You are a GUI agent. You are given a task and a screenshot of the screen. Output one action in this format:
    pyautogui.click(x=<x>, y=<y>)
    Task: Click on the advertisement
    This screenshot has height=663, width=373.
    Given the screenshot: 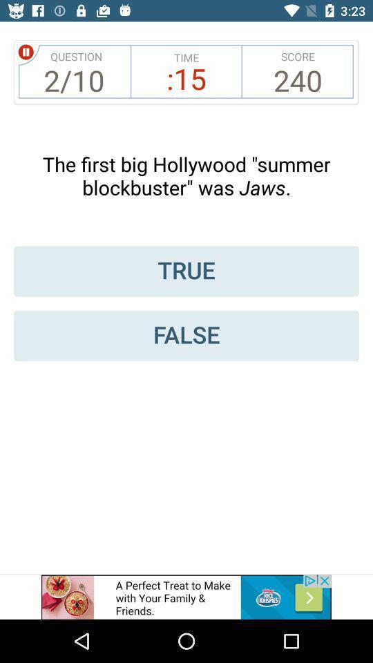 What is the action you would take?
    pyautogui.click(x=186, y=596)
    